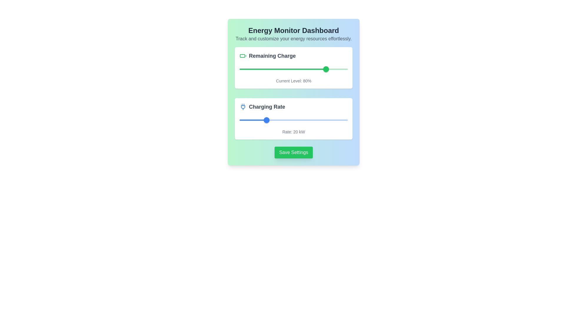 The width and height of the screenshot is (565, 318). Describe the element at coordinates (294, 120) in the screenshot. I see `the blue track of the slider control to adjust its position, located below the 'Charging Rate' label and above the 'Rate: 20 kW' text` at that location.